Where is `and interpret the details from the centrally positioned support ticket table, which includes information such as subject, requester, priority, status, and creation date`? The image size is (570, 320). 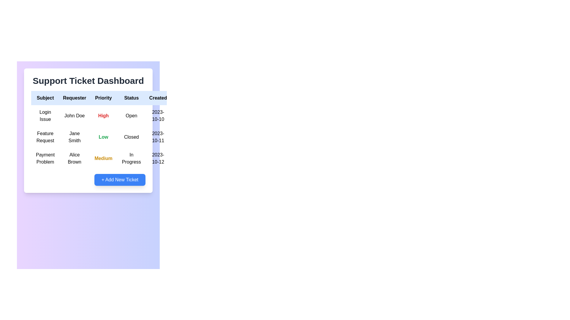 and interpret the details from the centrally positioned support ticket table, which includes information such as subject, requester, priority, status, and creation date is located at coordinates (88, 130).